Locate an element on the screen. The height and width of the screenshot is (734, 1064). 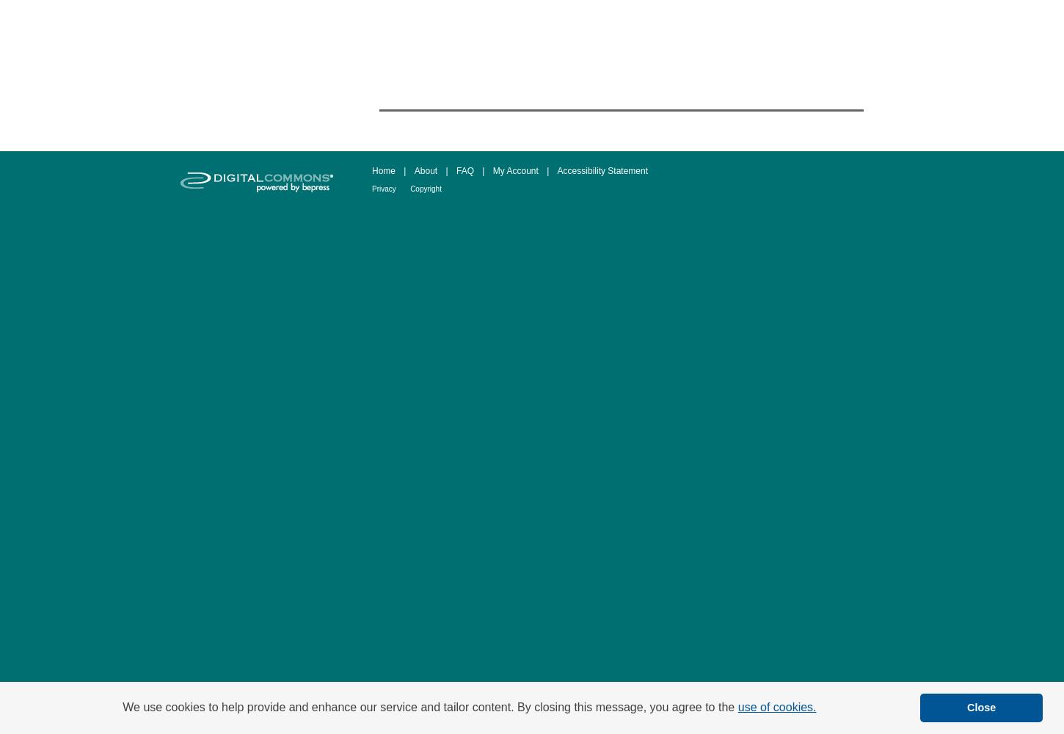
'Close' is located at coordinates (980, 707).